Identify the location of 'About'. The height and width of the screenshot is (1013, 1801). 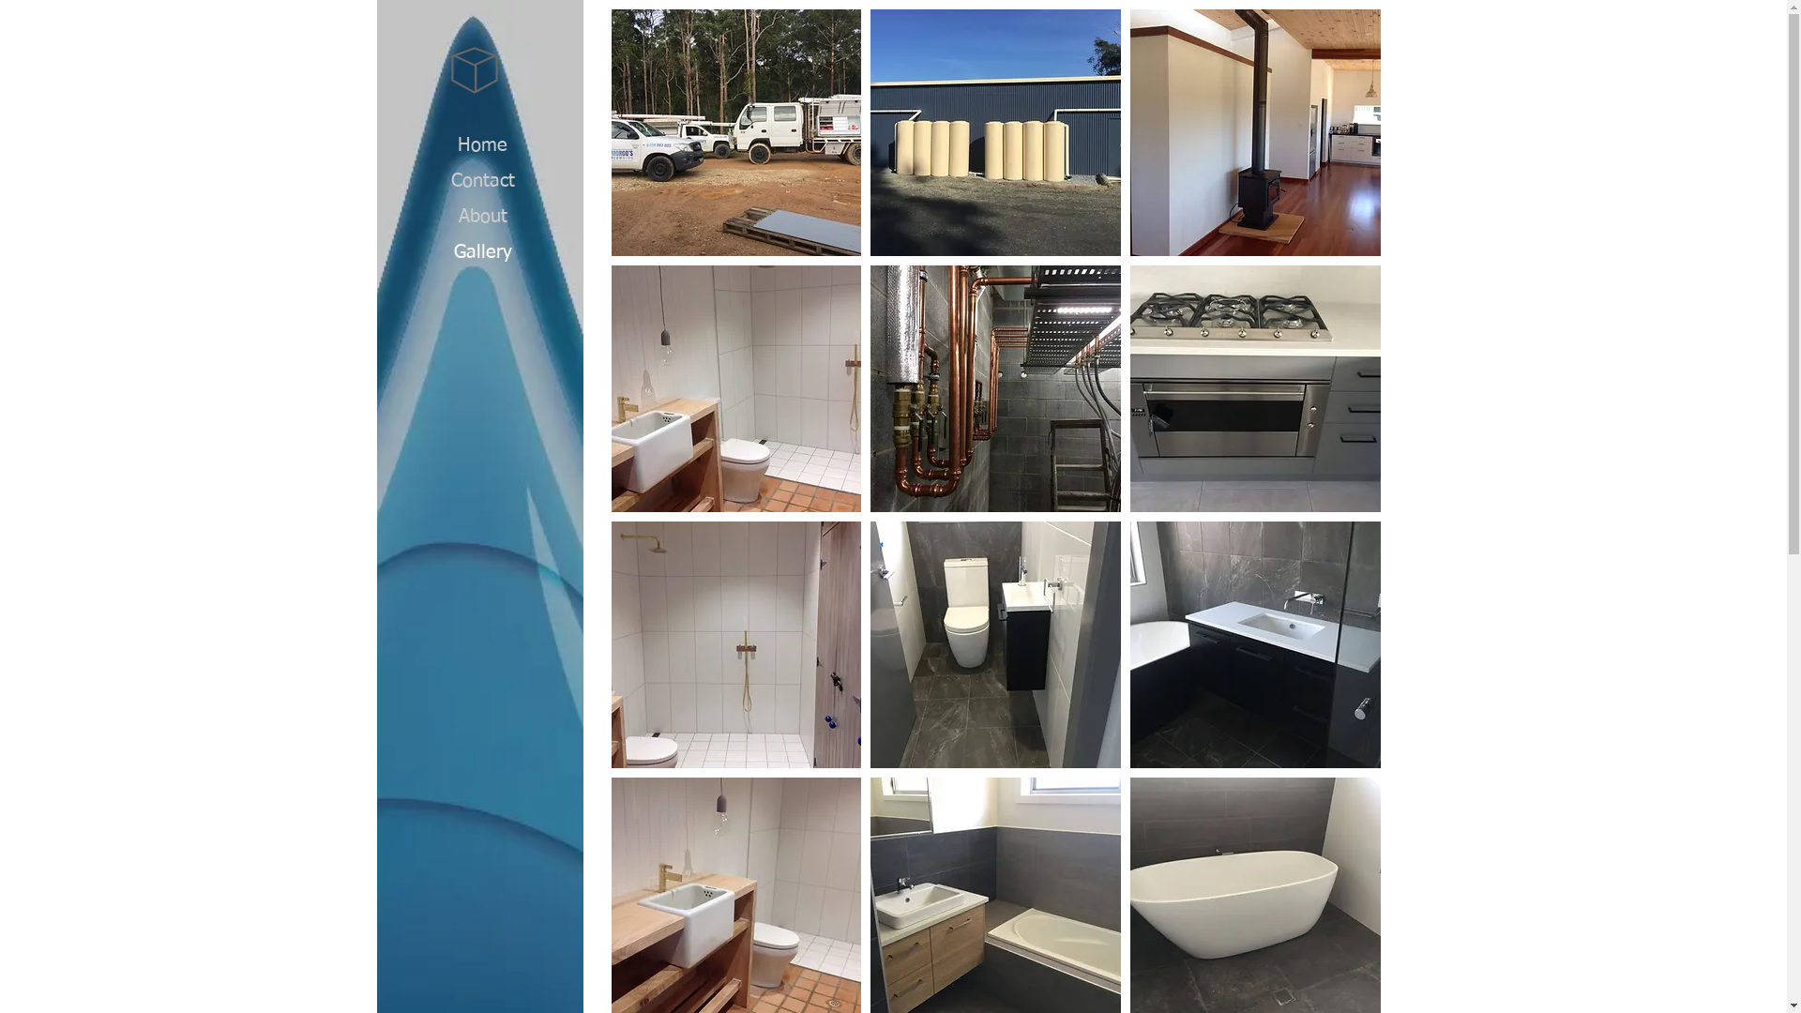
(481, 216).